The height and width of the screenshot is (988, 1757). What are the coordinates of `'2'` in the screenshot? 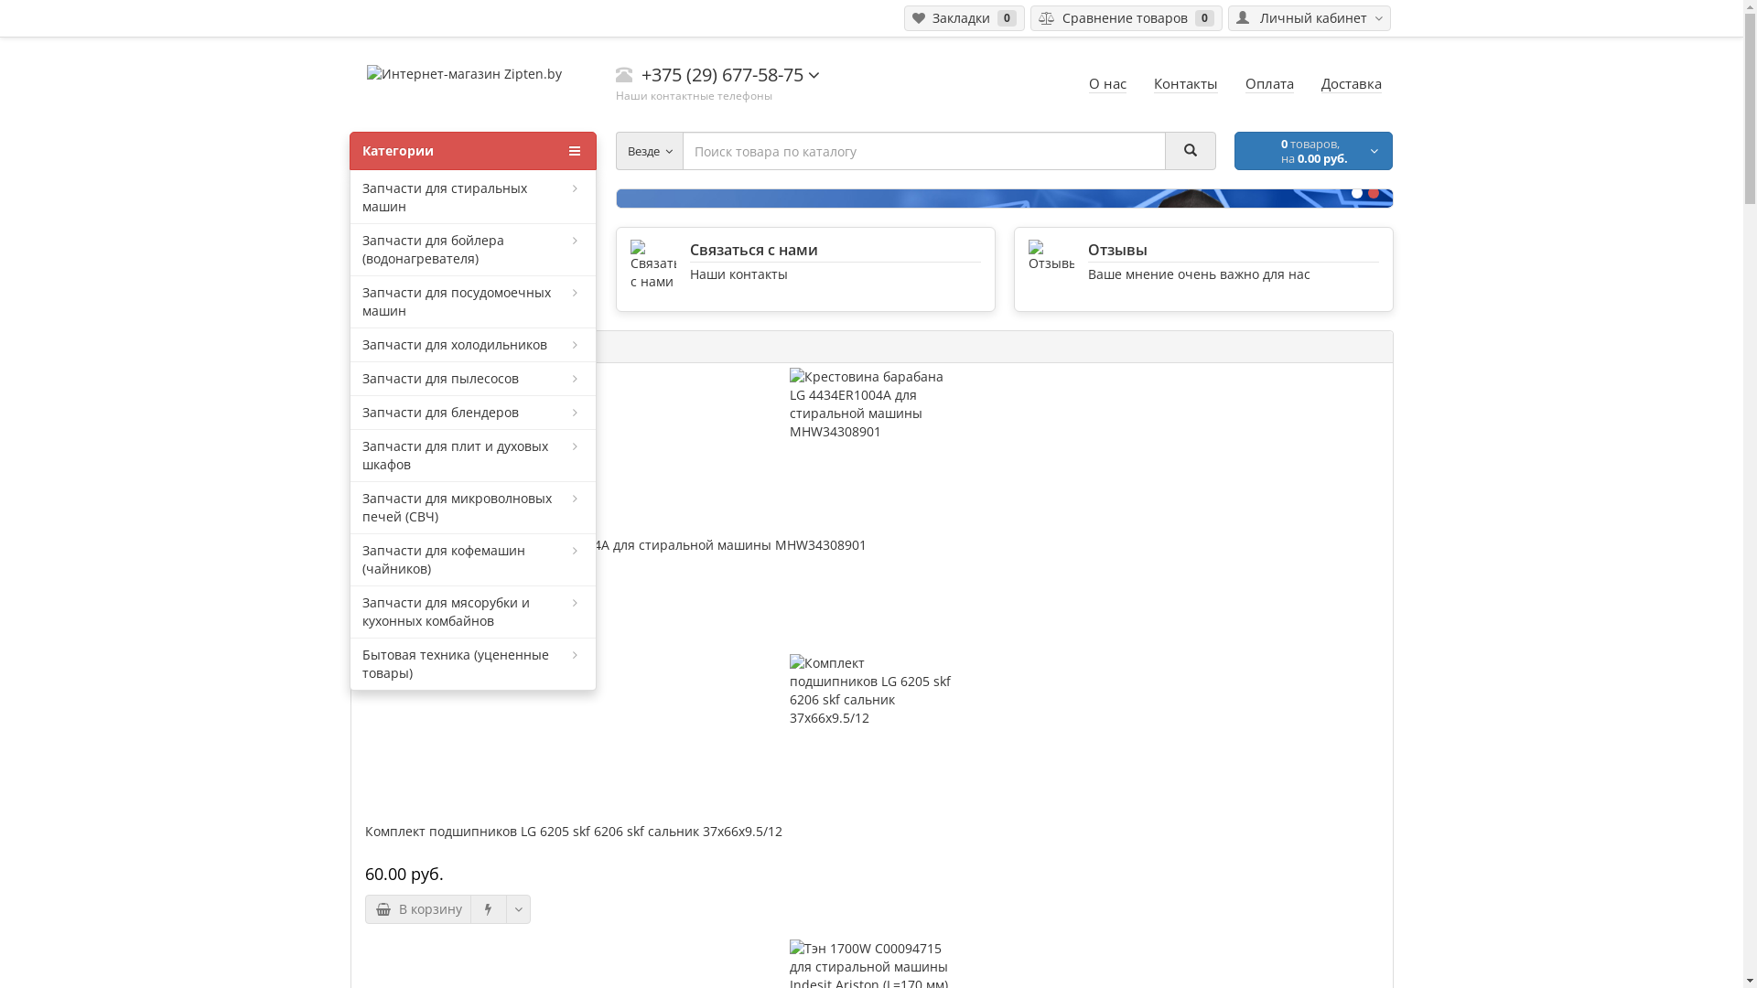 It's located at (1372, 193).